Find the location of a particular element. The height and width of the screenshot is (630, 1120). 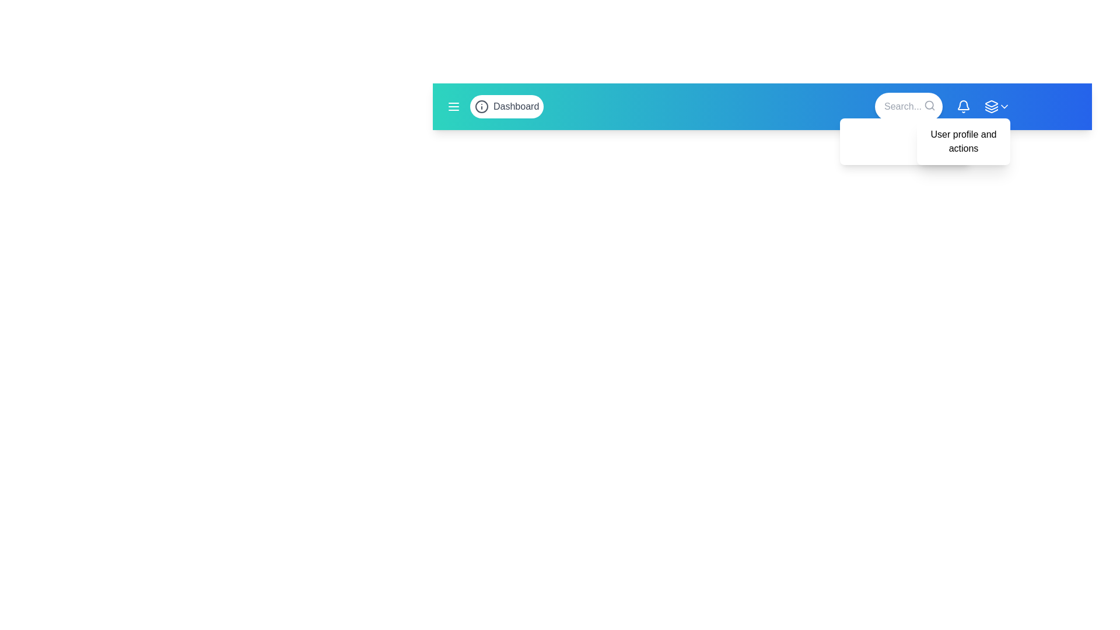

the search icon located in the navigation bar that indicates the search functionality is located at coordinates (929, 106).